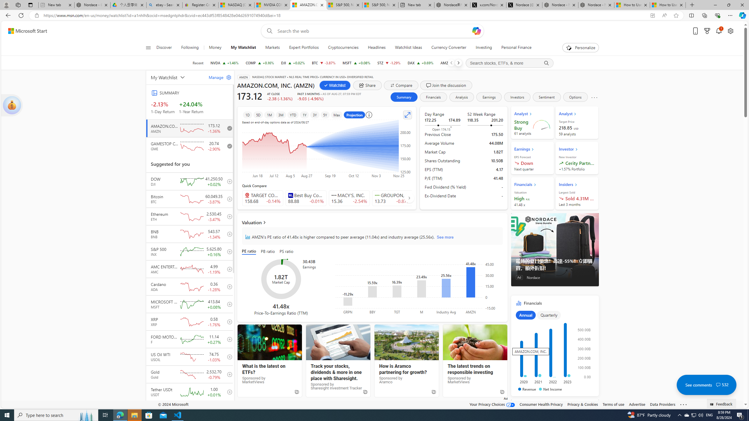 The width and height of the screenshot is (749, 421). Describe the element at coordinates (637, 404) in the screenshot. I see `'Advertise'` at that location.